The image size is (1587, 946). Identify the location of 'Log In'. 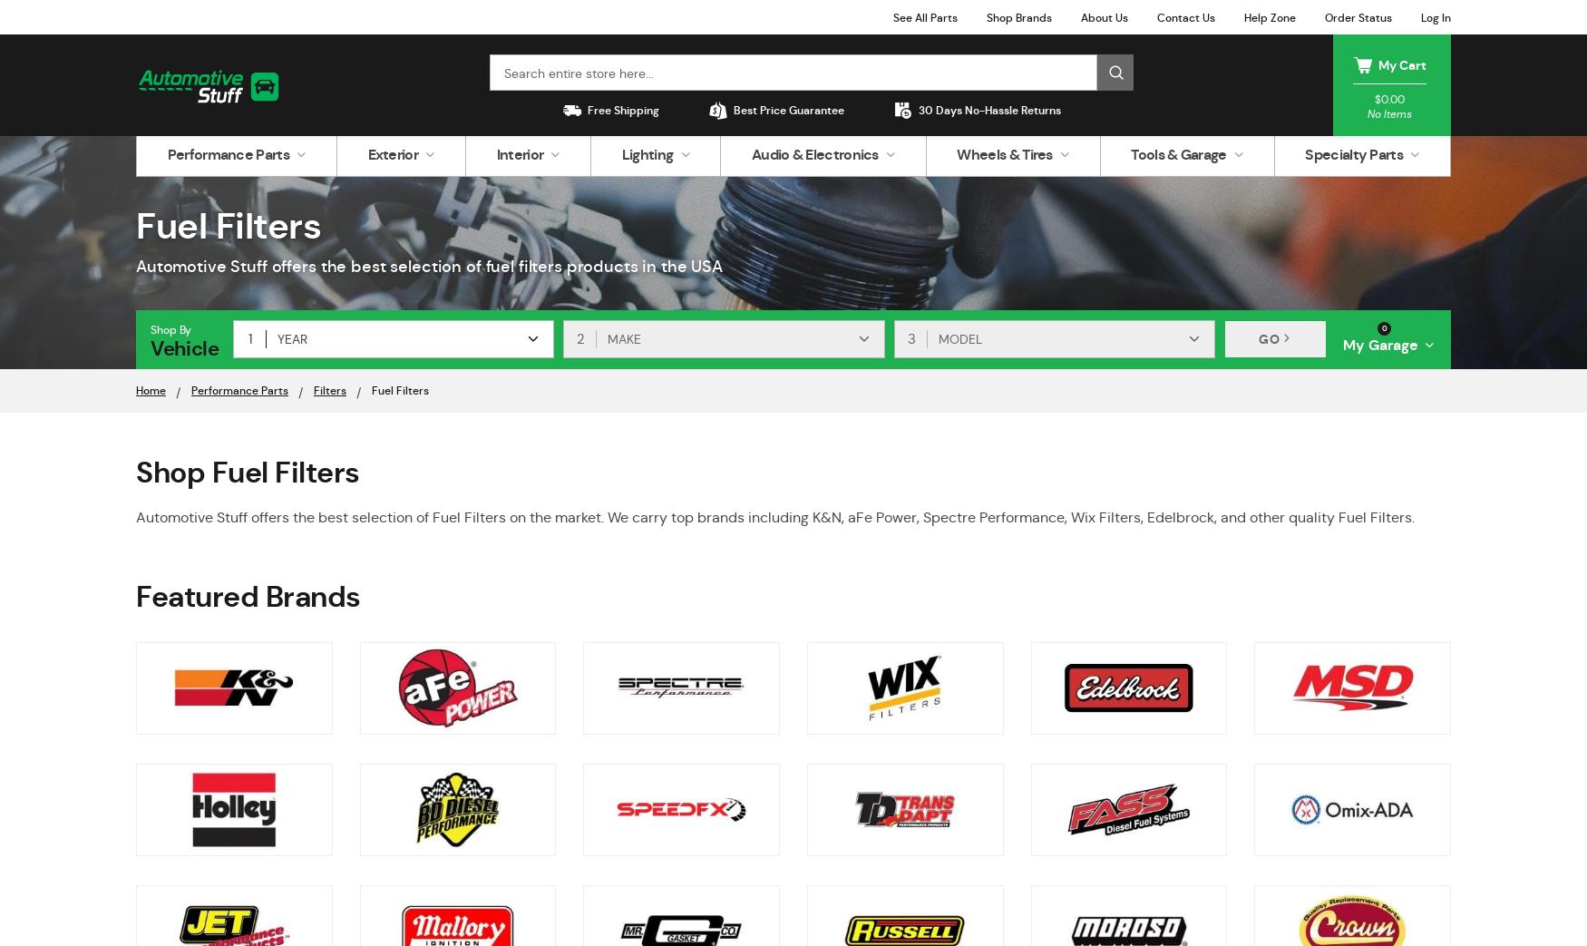
(1436, 16).